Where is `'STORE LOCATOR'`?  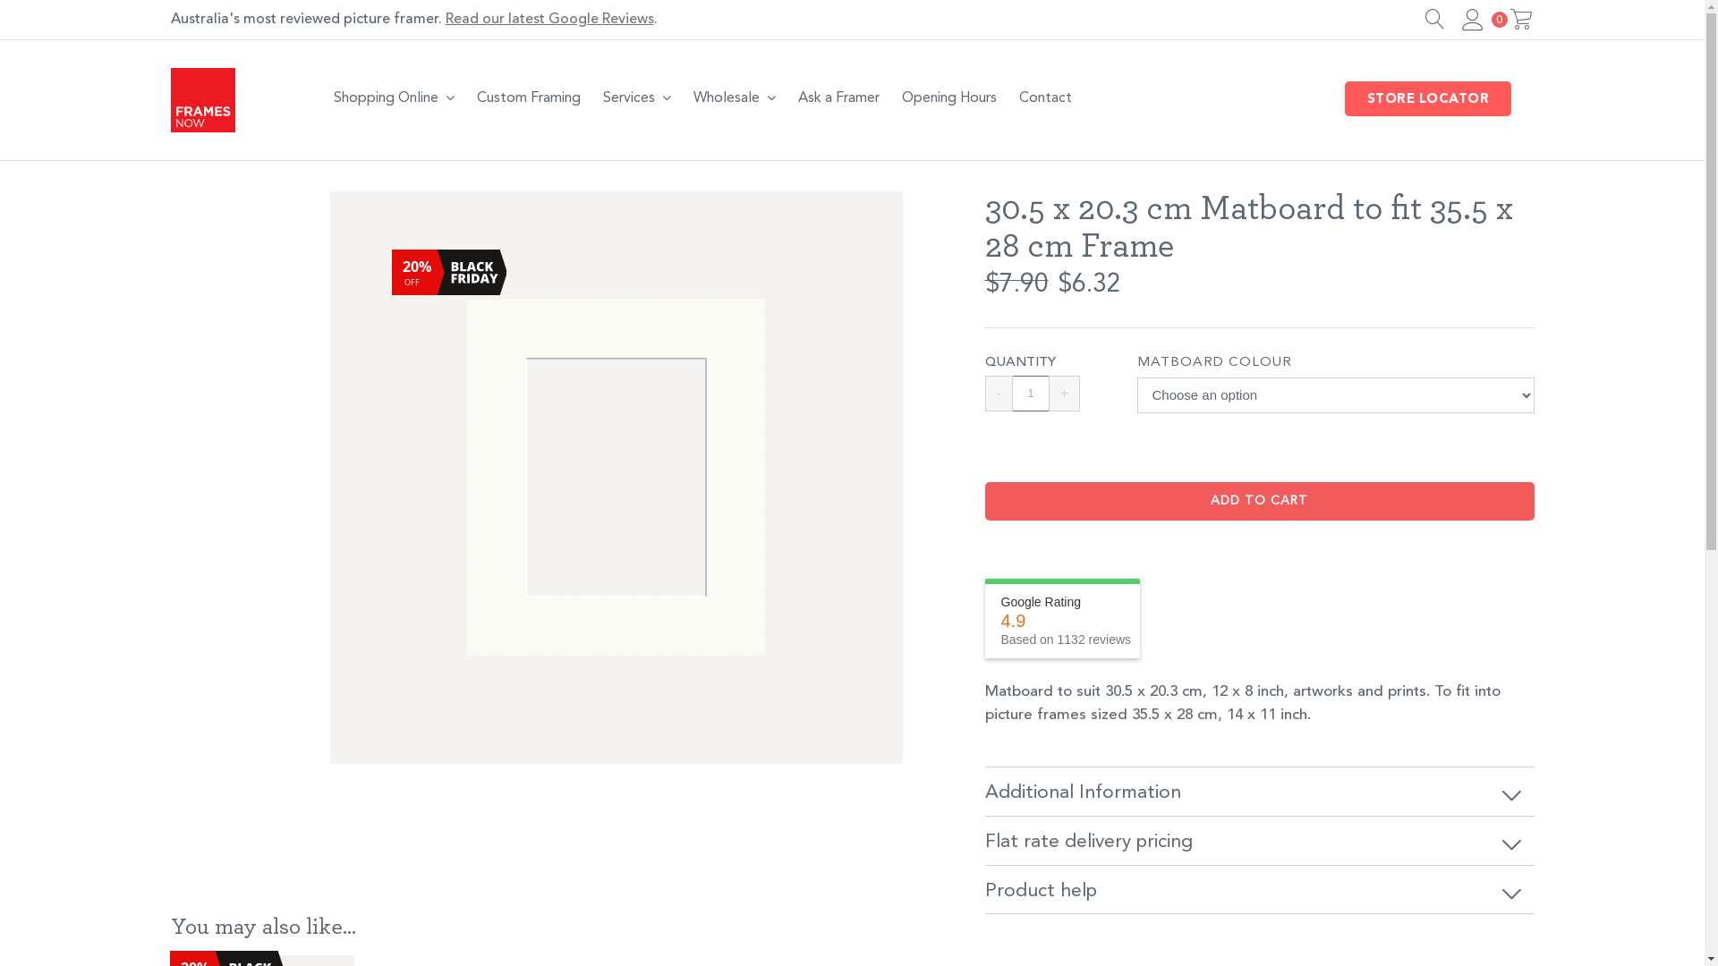 'STORE LOCATOR' is located at coordinates (1427, 98).